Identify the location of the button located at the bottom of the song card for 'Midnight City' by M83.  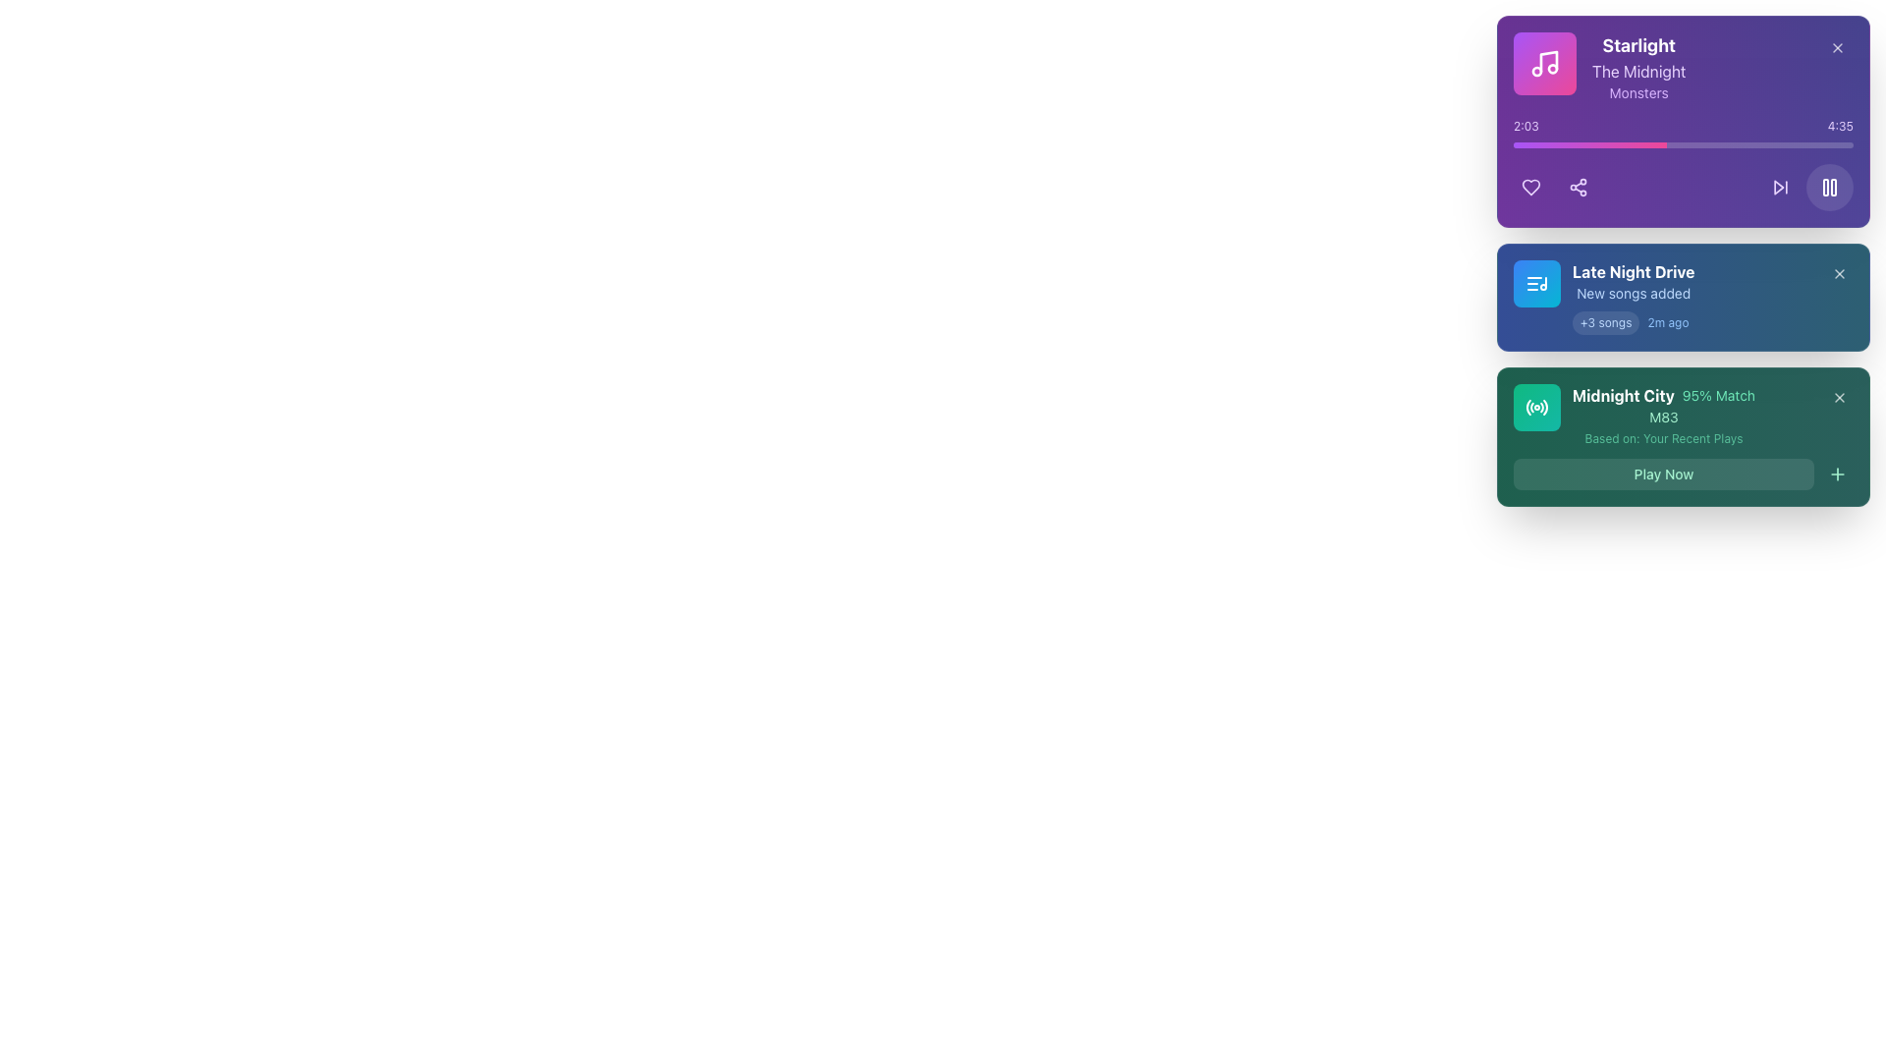
(1682, 474).